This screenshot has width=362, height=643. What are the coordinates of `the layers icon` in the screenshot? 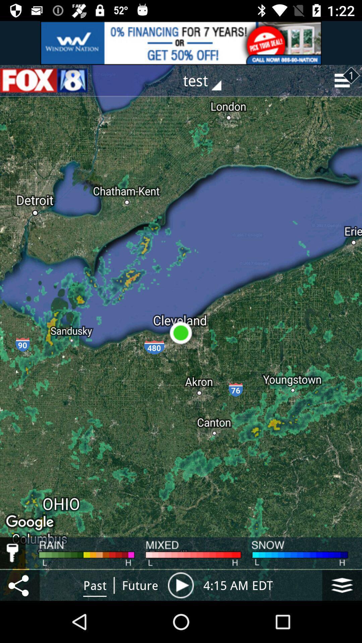 It's located at (342, 585).